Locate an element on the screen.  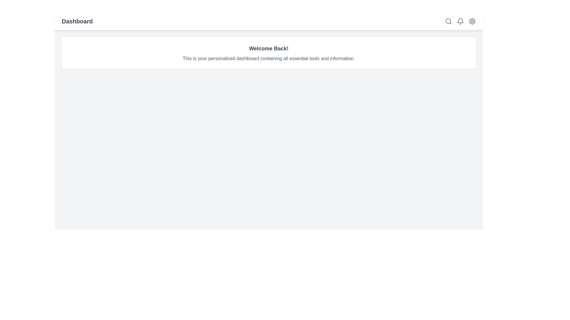
the Icon button located at the top-right corner of the interface is located at coordinates (472, 21).